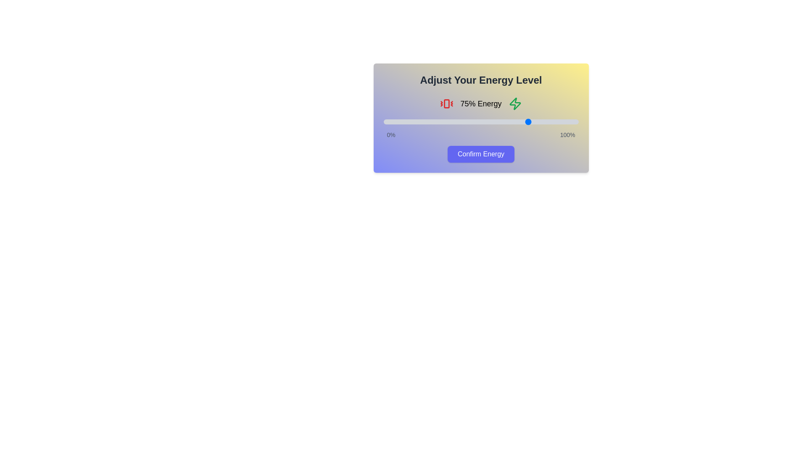 This screenshot has width=807, height=454. What do you see at coordinates (446, 103) in the screenshot?
I see `the red icon to indicate low energy` at bounding box center [446, 103].